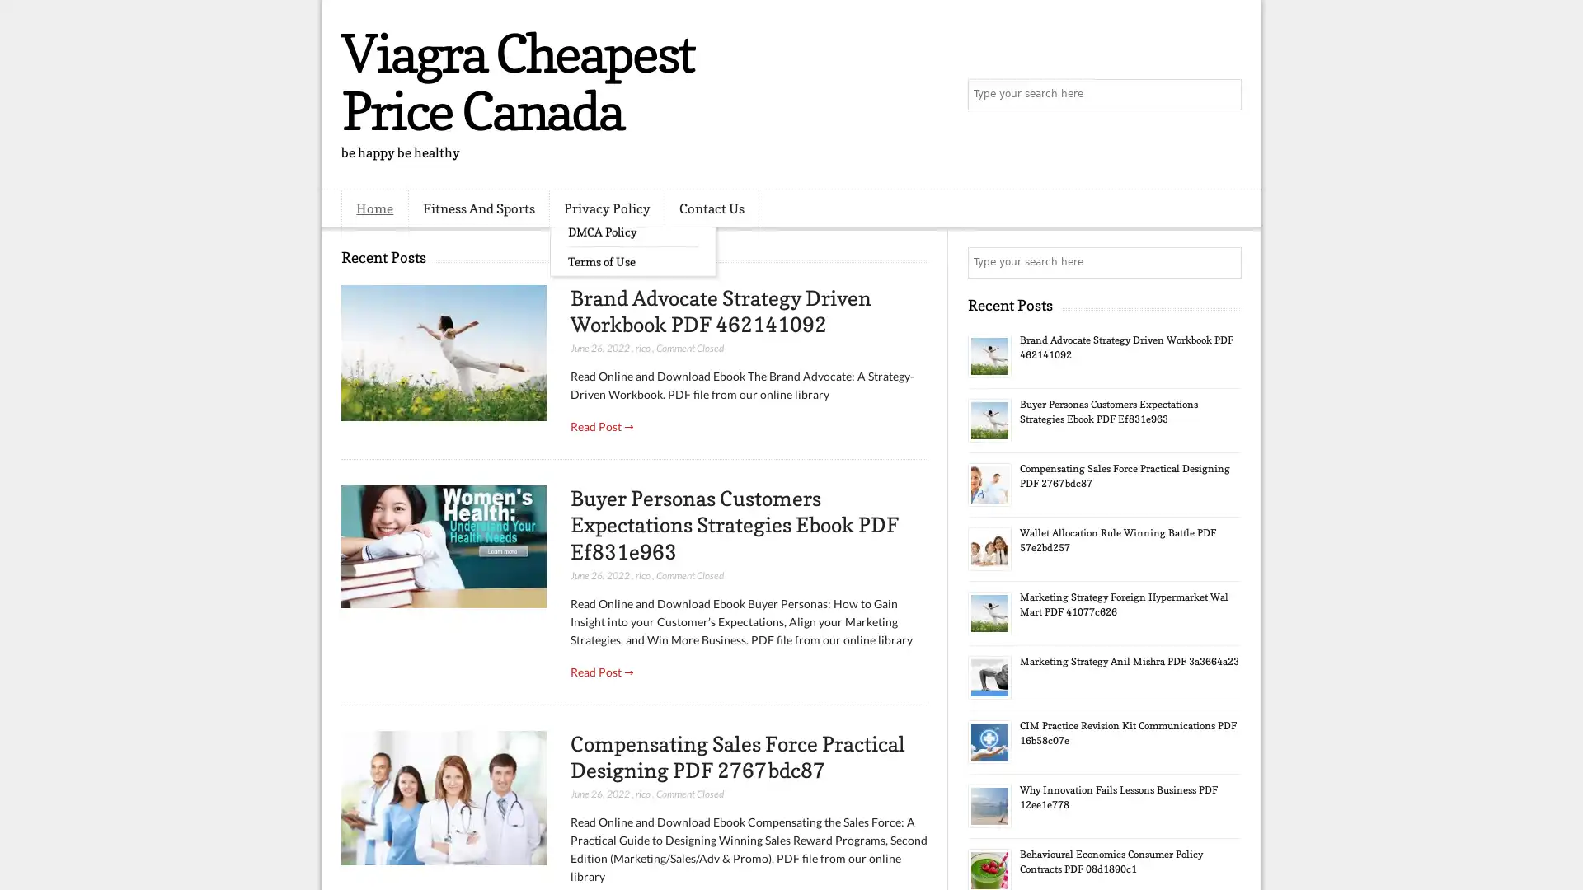  Describe the element at coordinates (1224, 95) in the screenshot. I see `Search` at that location.